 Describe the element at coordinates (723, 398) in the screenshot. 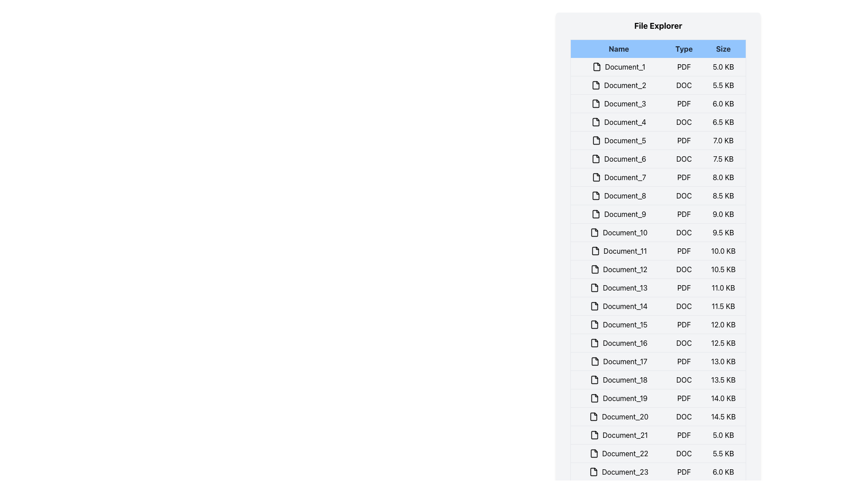

I see `the text label displaying the size information '14.0 KB' in the 'Size' column of the file listing table for the file 'Document_19'` at that location.